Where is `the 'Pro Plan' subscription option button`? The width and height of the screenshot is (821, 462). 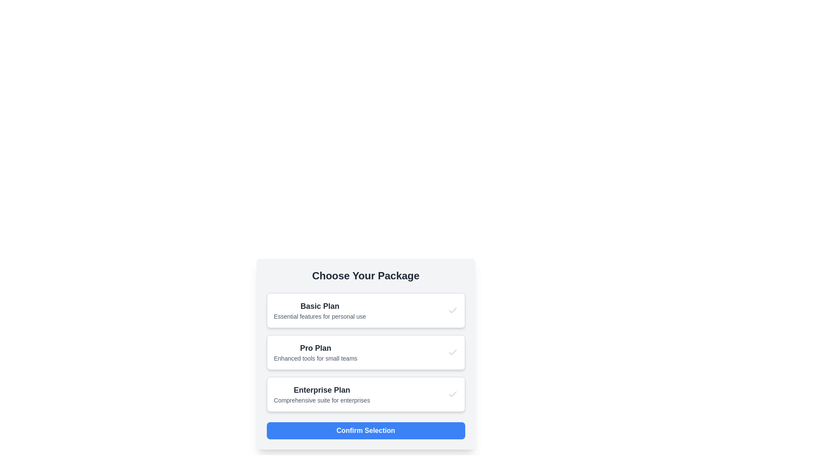
the 'Pro Plan' subscription option button is located at coordinates (366, 352).